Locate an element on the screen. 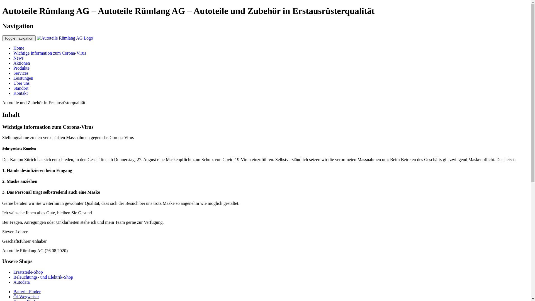  'Home' is located at coordinates (19, 48).